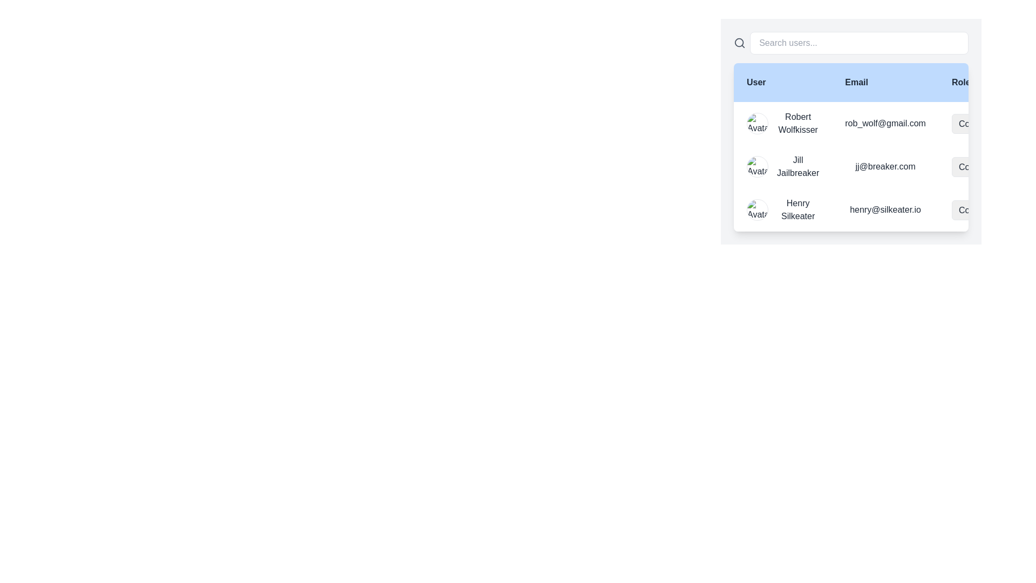 The width and height of the screenshot is (1036, 583). Describe the element at coordinates (756, 123) in the screenshot. I see `the circular avatar image representing the user profile picture of 'Robert Wolfkisser'` at that location.